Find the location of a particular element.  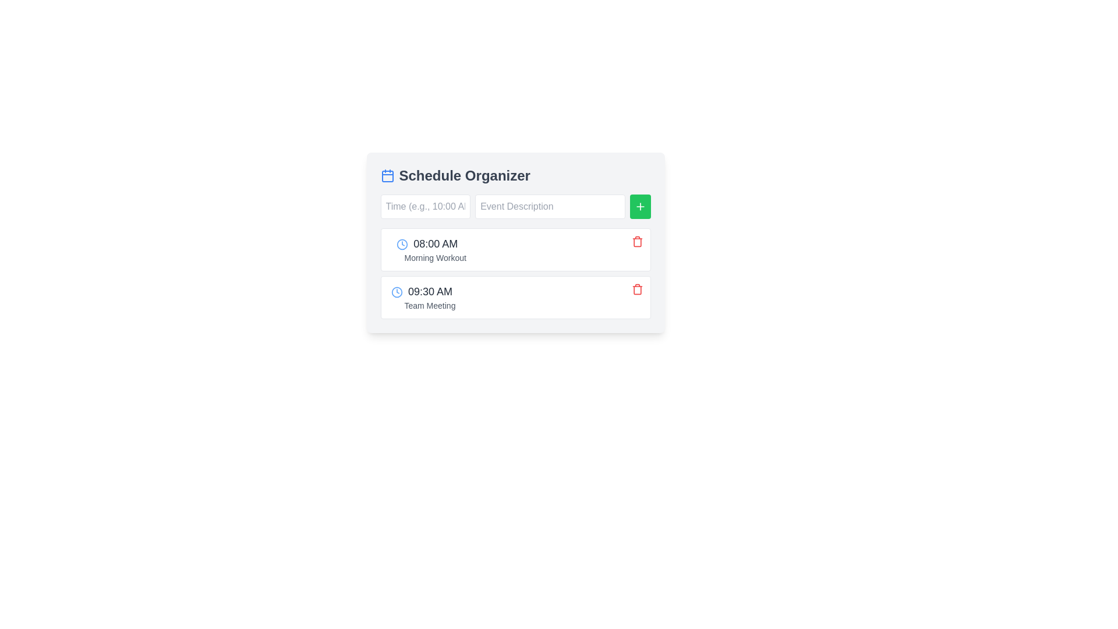

the small red trash bin icon button located to the right of the '09:30 AM Team Meeting' text is located at coordinates (636, 289).